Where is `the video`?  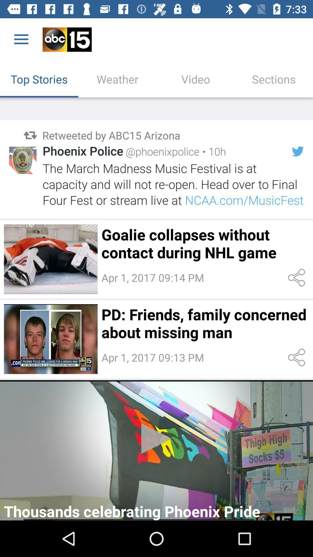 the video is located at coordinates (156, 450).